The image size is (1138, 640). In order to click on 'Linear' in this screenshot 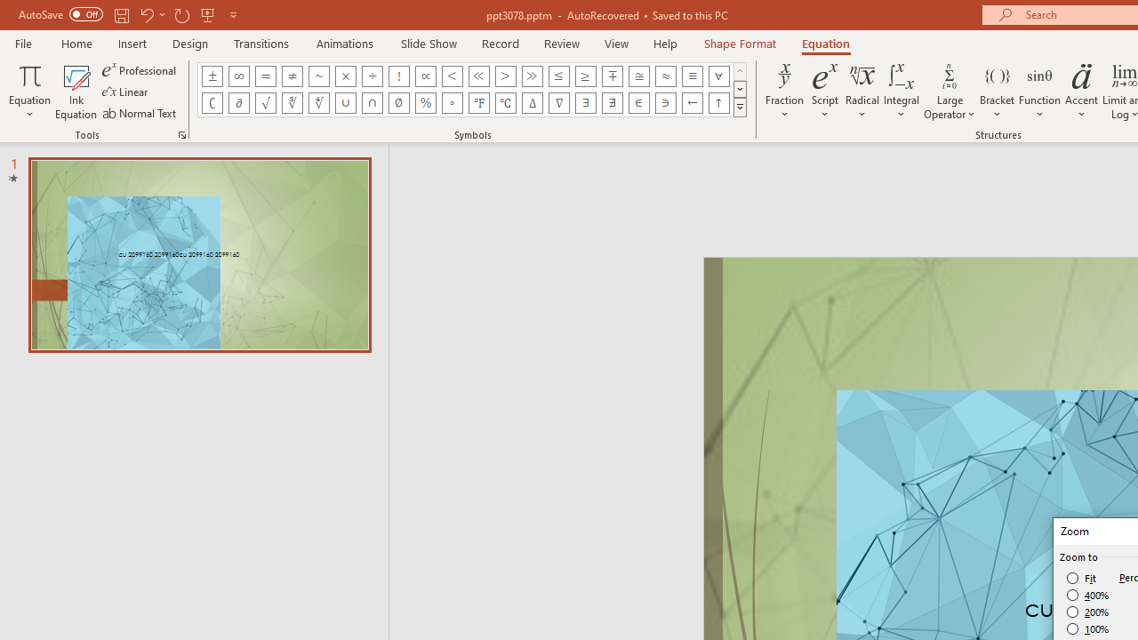, I will do `click(125, 92)`.